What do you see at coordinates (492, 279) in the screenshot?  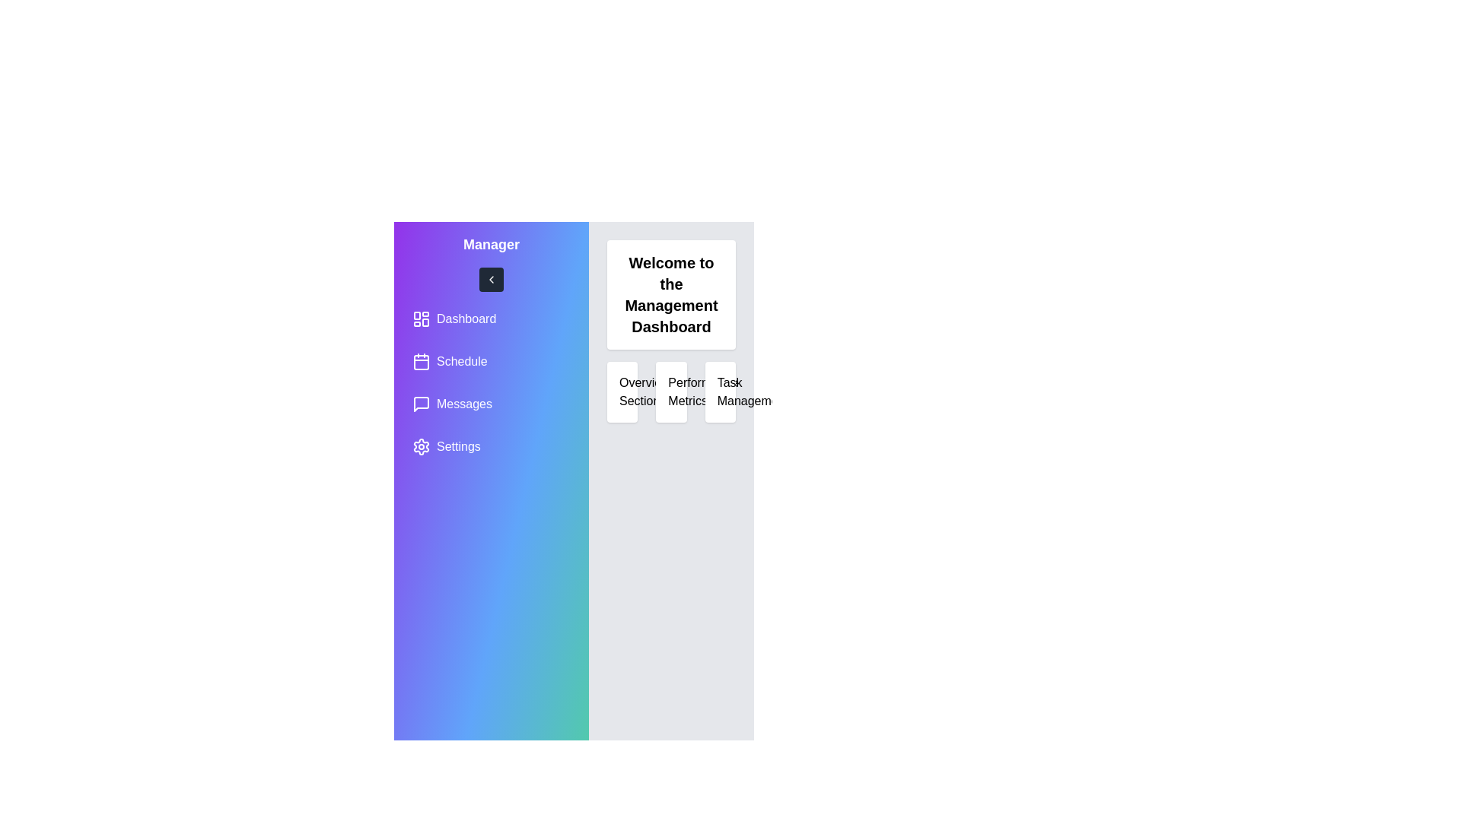 I see `the navigation button located below the 'Manager' title in the sidebar` at bounding box center [492, 279].